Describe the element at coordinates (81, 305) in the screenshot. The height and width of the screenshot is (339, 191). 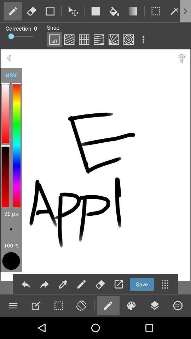
I see `the fourth icon from bottom row` at that location.